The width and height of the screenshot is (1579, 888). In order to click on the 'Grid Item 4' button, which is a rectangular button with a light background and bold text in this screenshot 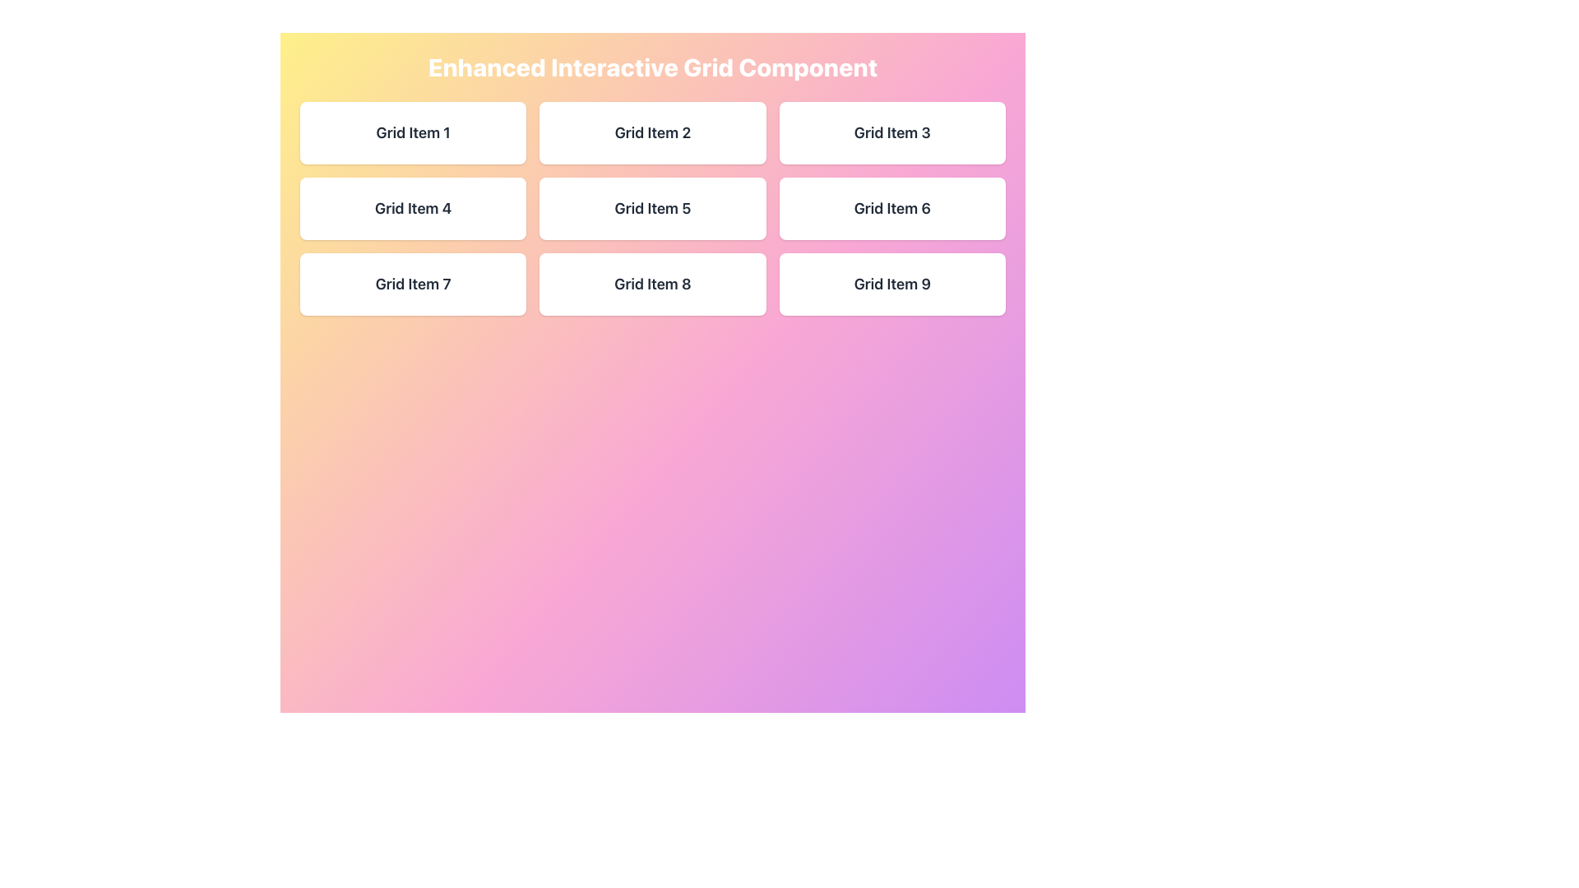, I will do `click(413, 208)`.